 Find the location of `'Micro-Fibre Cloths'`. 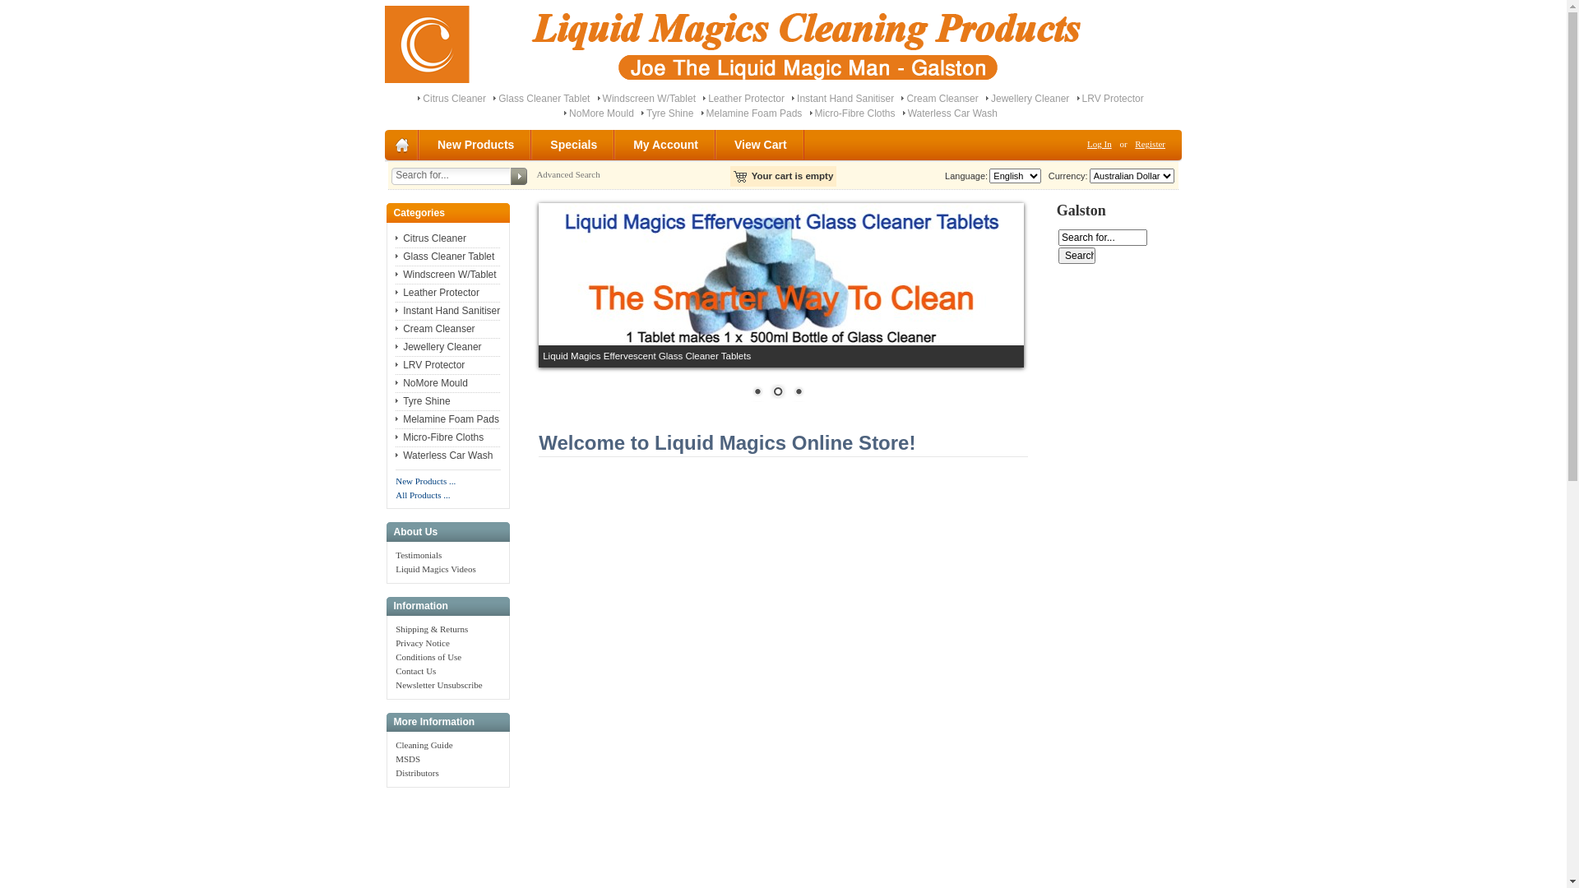

'Micro-Fibre Cloths' is located at coordinates (809, 113).